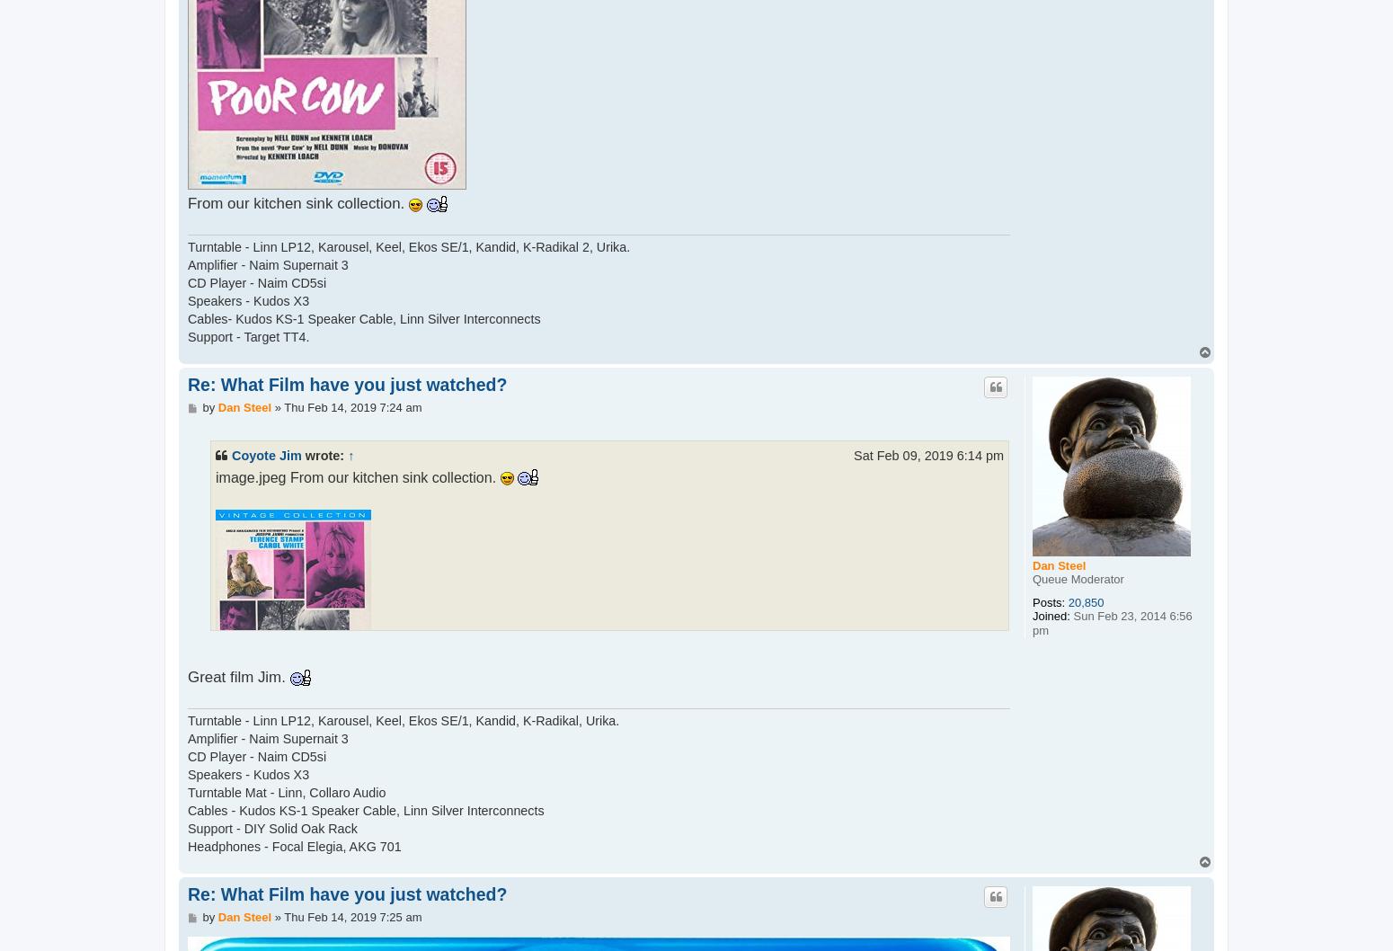 The height and width of the screenshot is (951, 1393). Describe the element at coordinates (266, 454) in the screenshot. I see `'Coyote Jim'` at that location.